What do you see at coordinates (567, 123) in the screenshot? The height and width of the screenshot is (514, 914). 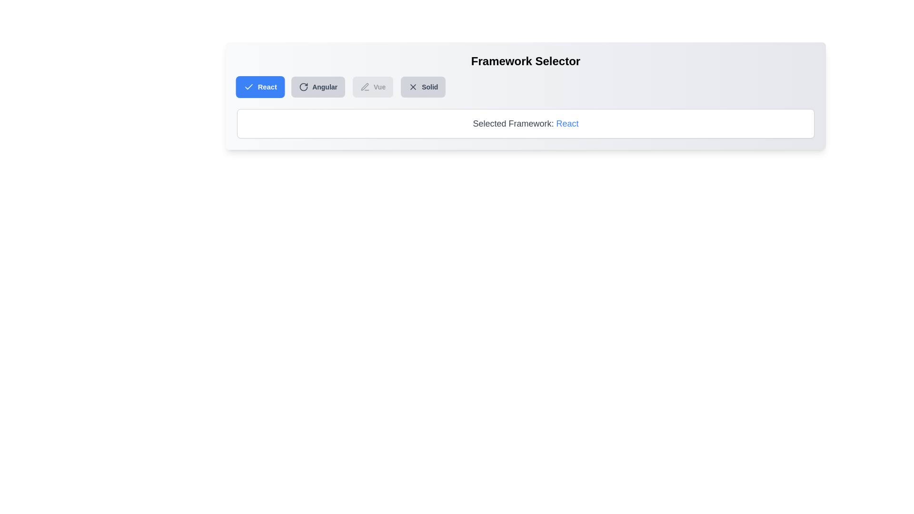 I see `the blue-colored text 'React' that is styled with a bold font and is part of the phrase 'Selected Framework: React'` at bounding box center [567, 123].